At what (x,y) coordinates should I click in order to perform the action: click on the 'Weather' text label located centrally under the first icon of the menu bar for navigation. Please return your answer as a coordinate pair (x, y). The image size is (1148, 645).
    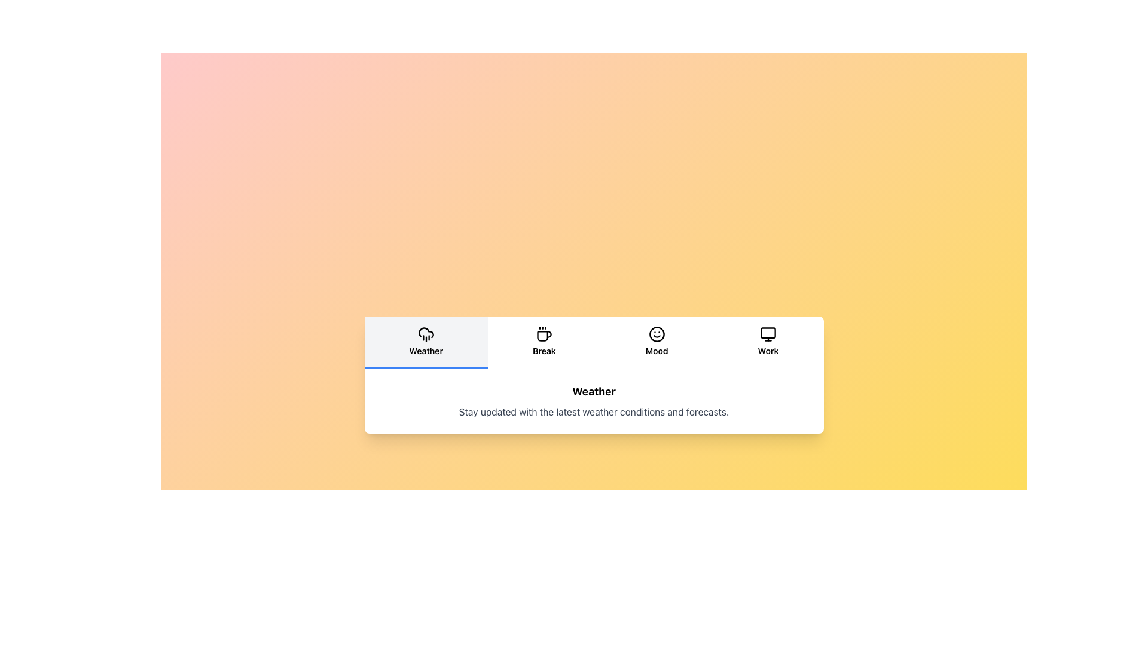
    Looking at the image, I should click on (426, 350).